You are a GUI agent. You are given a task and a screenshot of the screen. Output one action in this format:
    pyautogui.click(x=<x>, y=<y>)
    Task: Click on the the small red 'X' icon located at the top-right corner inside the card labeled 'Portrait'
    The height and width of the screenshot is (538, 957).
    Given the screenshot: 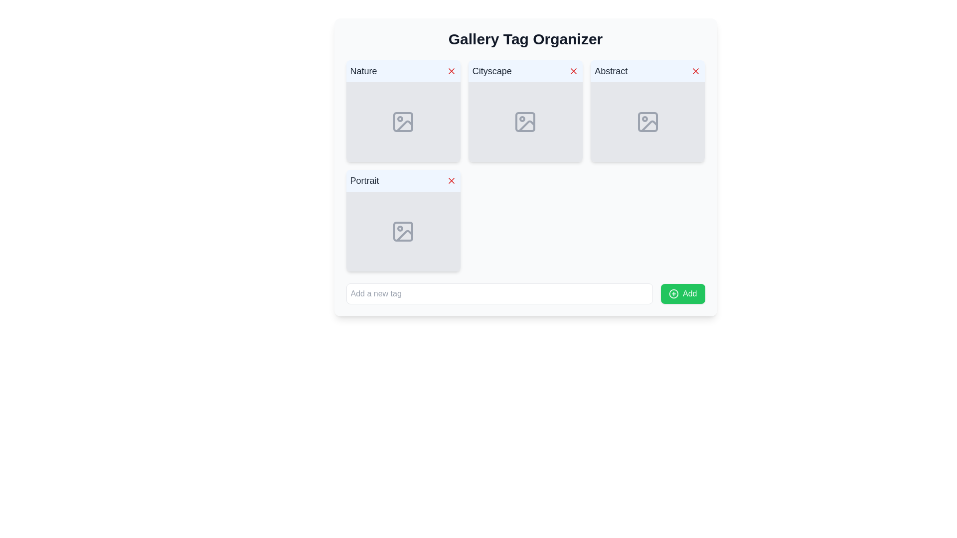 What is the action you would take?
    pyautogui.click(x=451, y=180)
    